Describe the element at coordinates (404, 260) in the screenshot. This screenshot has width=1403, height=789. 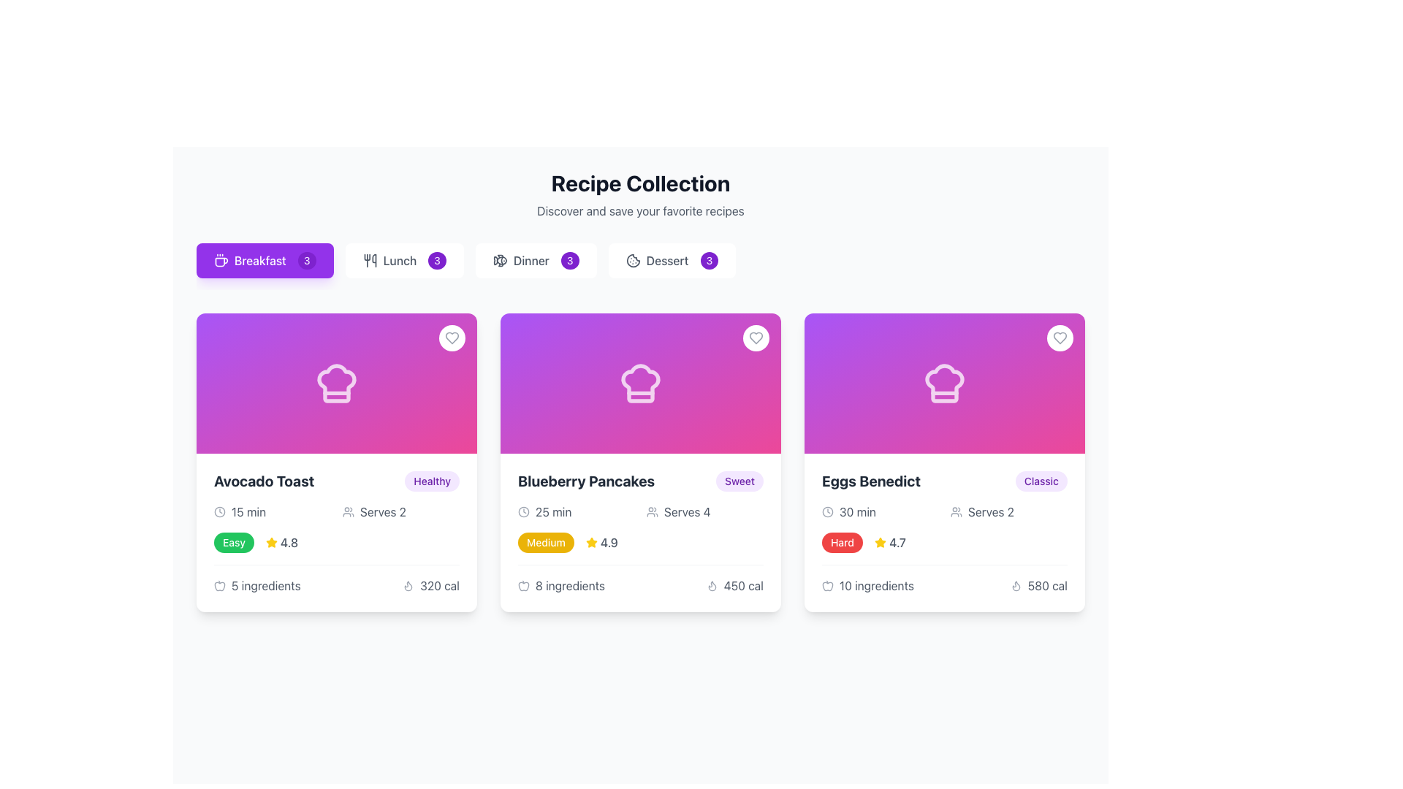
I see `the 'Lunch' button, which has an icon of utensils on the left and a purple badge with the number '3' on the right, located beneath the 'Recipe Collection' header` at that location.